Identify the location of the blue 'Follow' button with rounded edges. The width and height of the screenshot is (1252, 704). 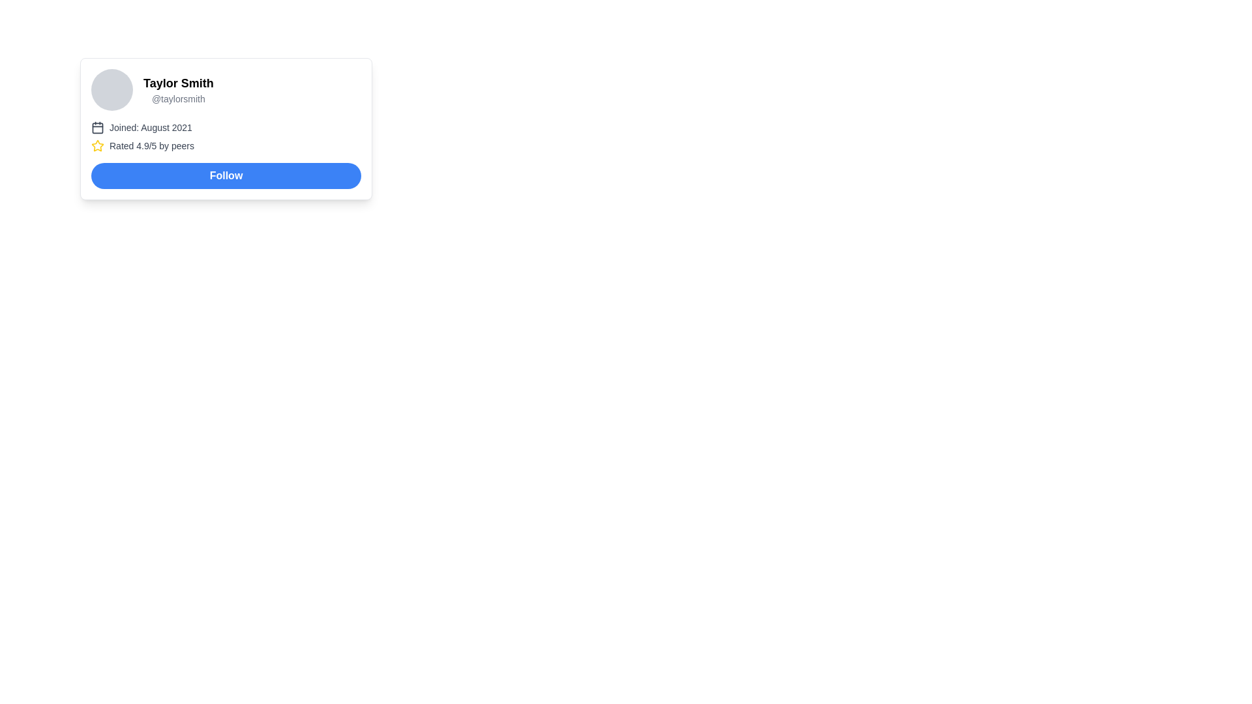
(226, 176).